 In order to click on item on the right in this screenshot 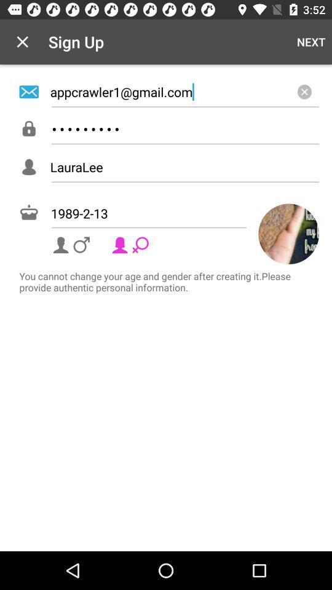, I will do `click(288, 233)`.